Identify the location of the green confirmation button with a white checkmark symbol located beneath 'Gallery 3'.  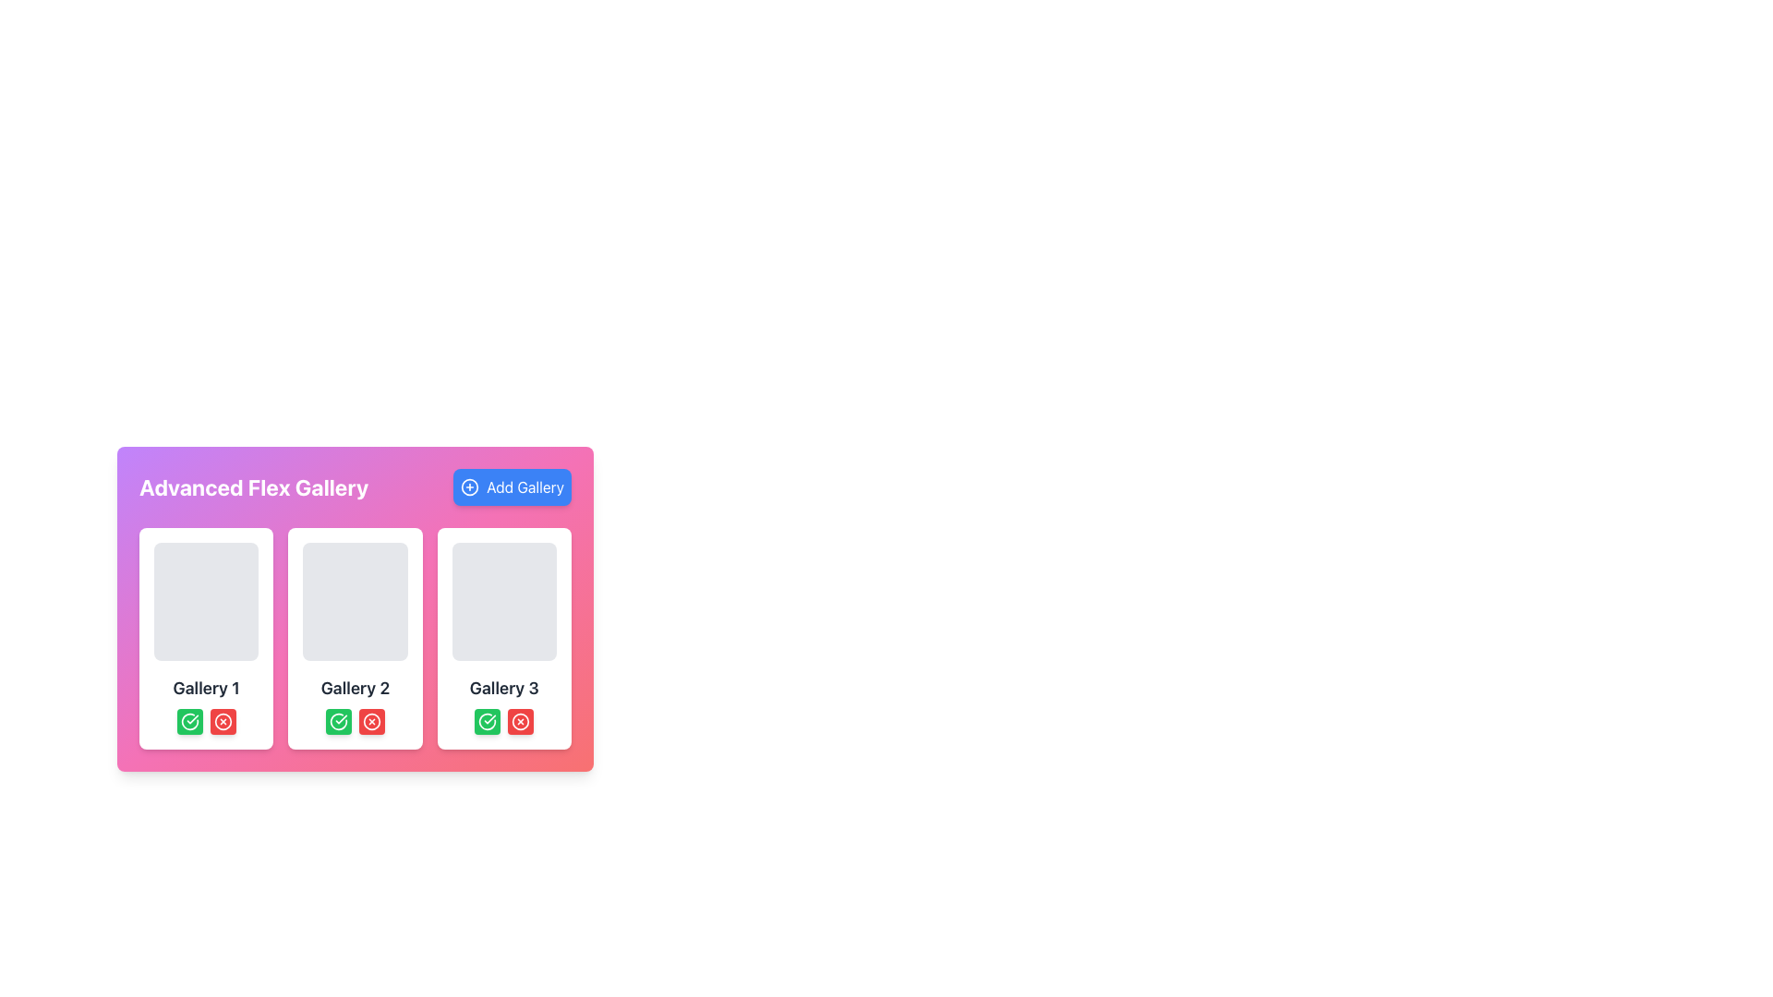
(488, 721).